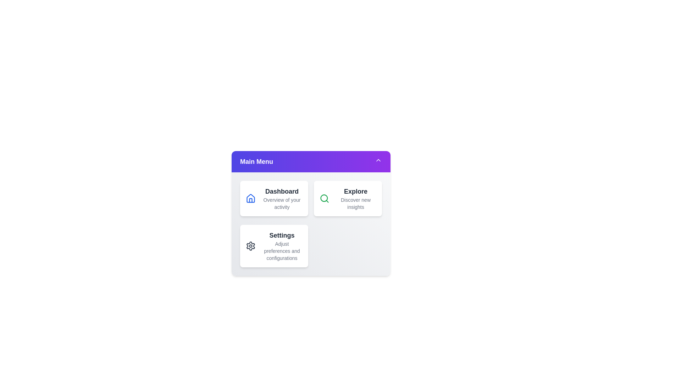 This screenshot has height=383, width=681. Describe the element at coordinates (324, 198) in the screenshot. I see `the Explore icon to provide feedback` at that location.